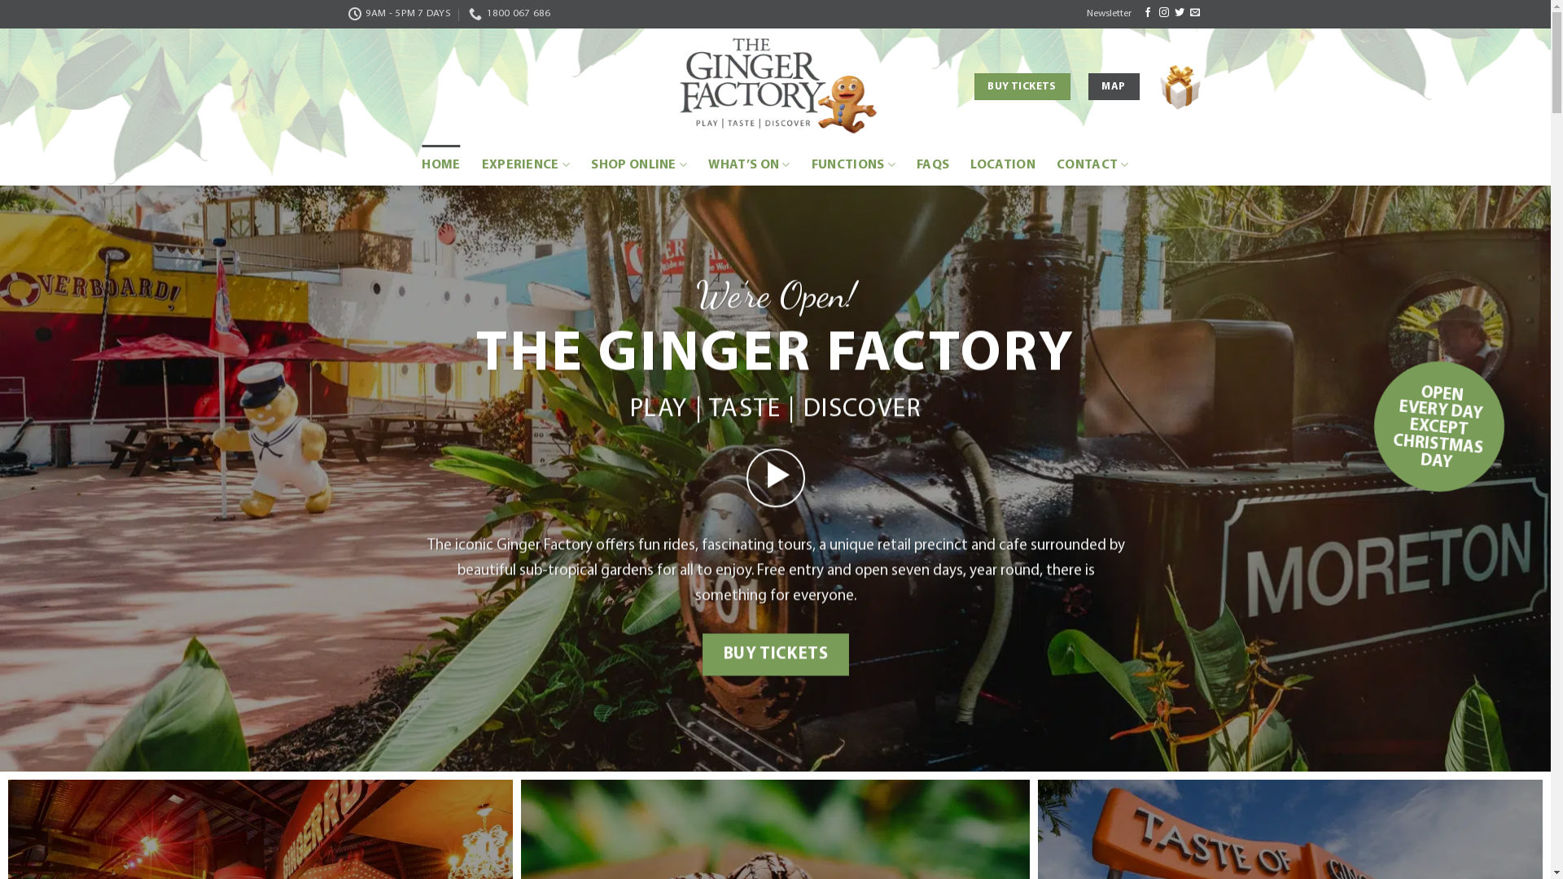 The width and height of the screenshot is (1563, 879). Describe the element at coordinates (508, 13) in the screenshot. I see `'1800 067 686'` at that location.